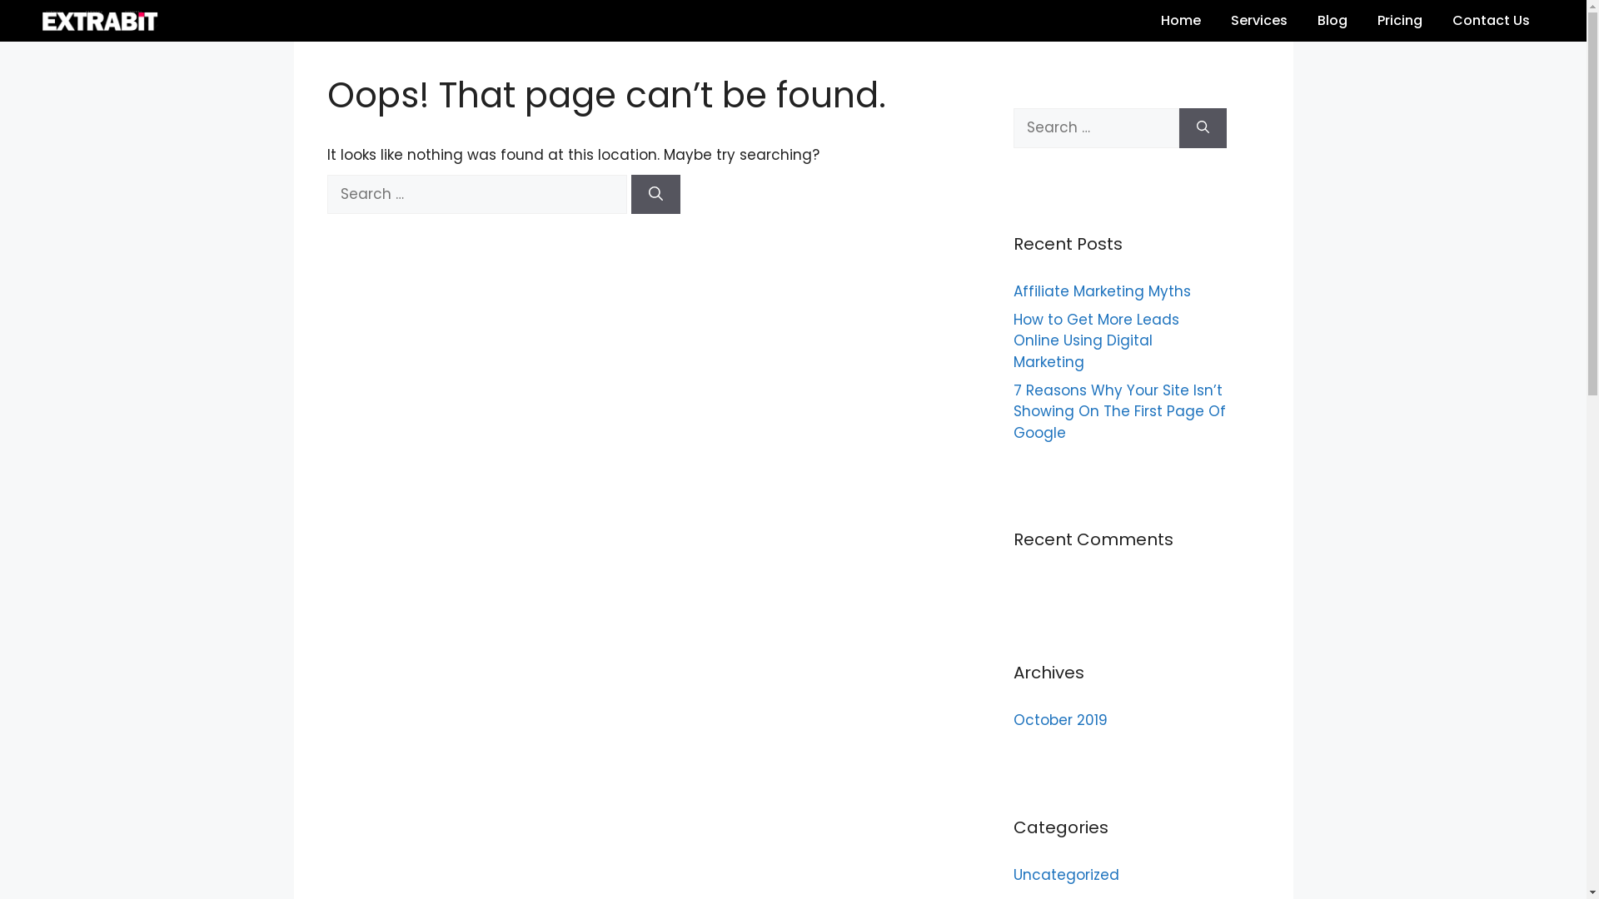 Image resolution: width=1599 pixels, height=899 pixels. Describe the element at coordinates (475, 194) in the screenshot. I see `'Search for:'` at that location.